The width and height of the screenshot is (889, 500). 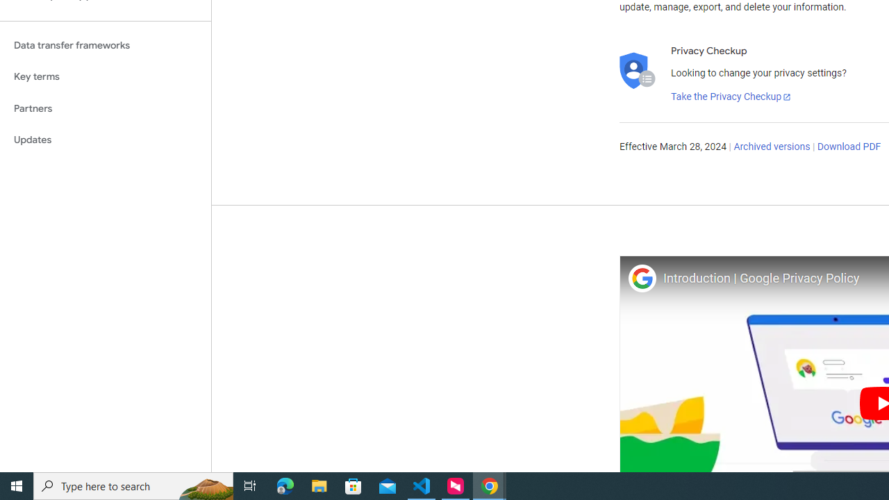 I want to click on 'Archived versions', so click(x=771, y=147).